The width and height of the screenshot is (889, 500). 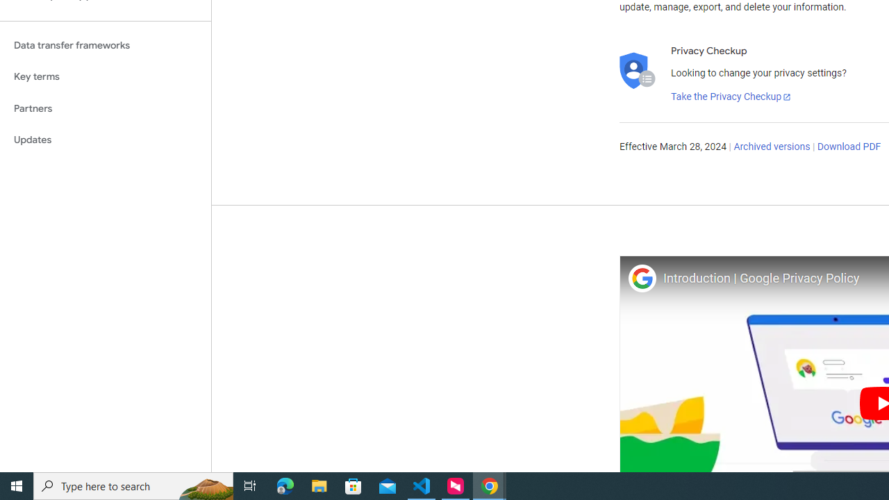 I want to click on 'Archived versions', so click(x=771, y=147).